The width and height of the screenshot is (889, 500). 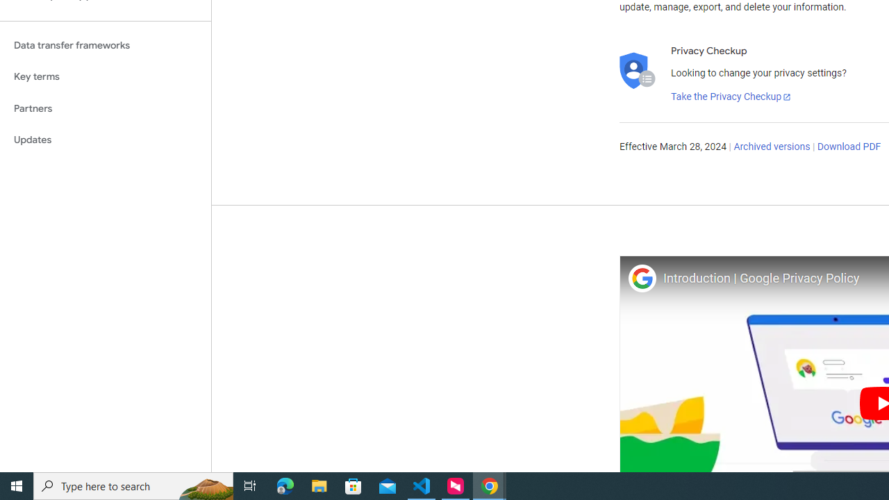 I want to click on 'Archived versions', so click(x=771, y=147).